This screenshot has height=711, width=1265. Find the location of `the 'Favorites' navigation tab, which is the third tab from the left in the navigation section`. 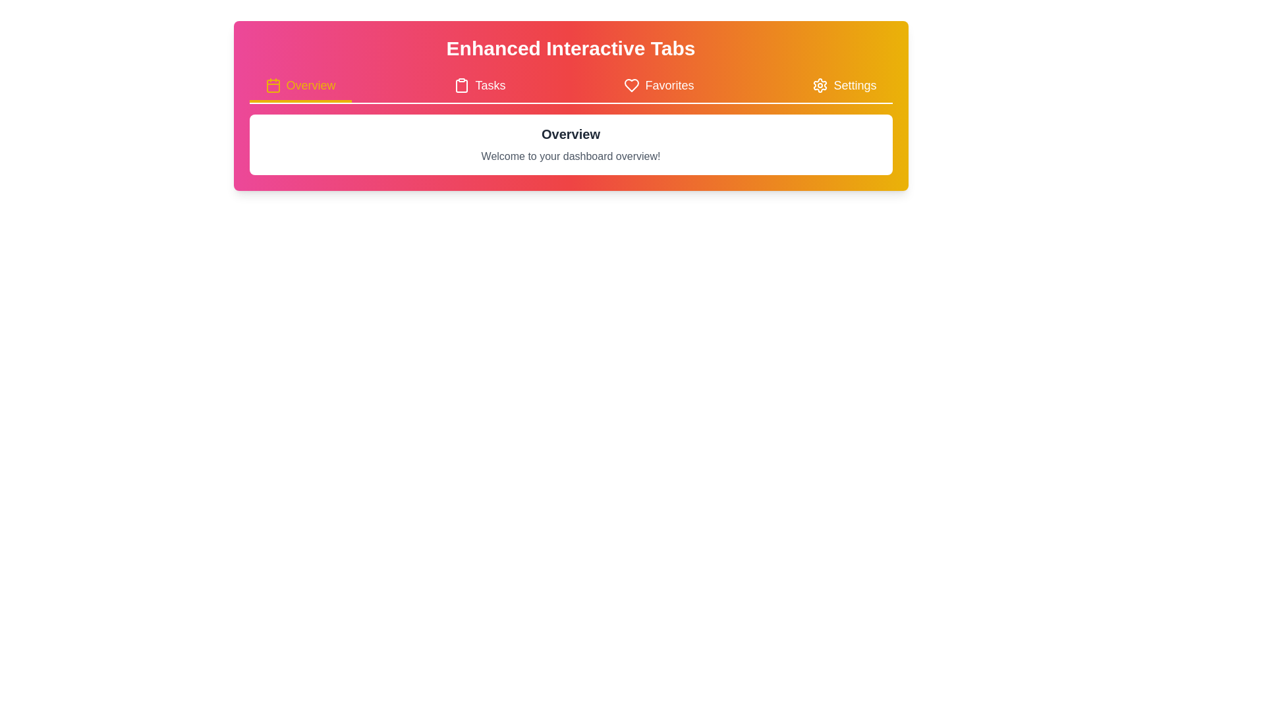

the 'Favorites' navigation tab, which is the third tab from the left in the navigation section is located at coordinates (659, 86).